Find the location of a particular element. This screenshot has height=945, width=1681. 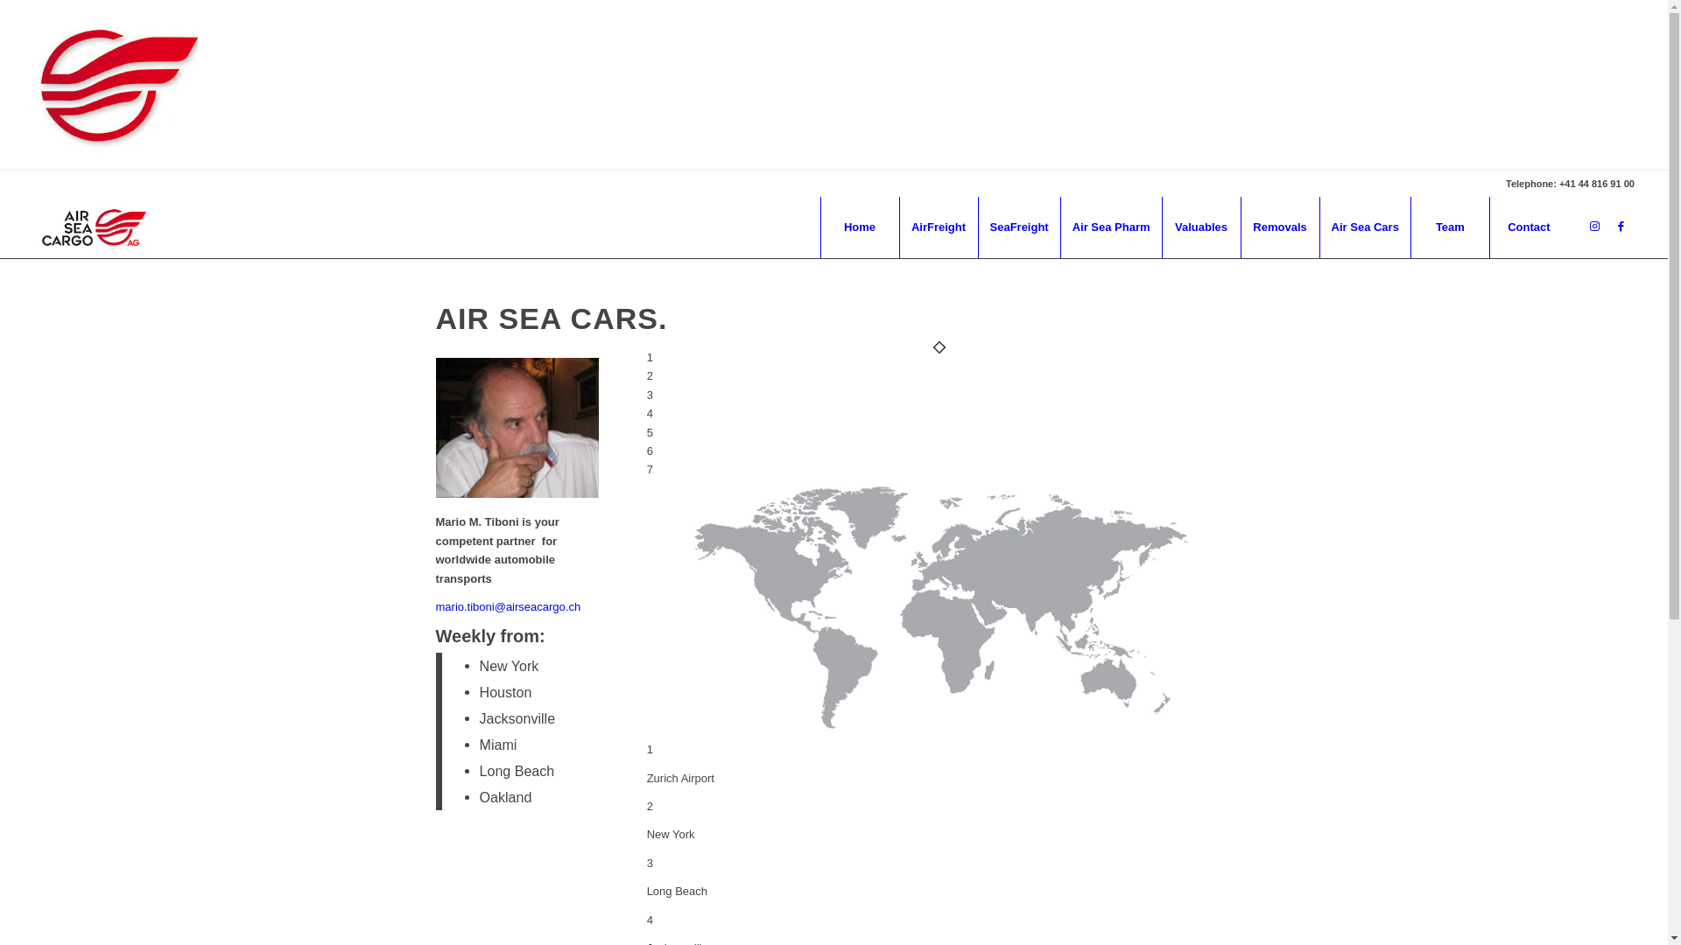

'Team' is located at coordinates (1450, 226).